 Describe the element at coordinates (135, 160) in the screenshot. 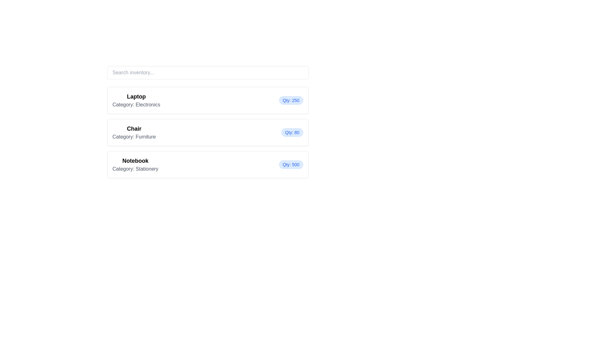

I see `the bold, black-colored static text reading 'Notebook', which is the third item in a vertical list of stationery categories` at that location.